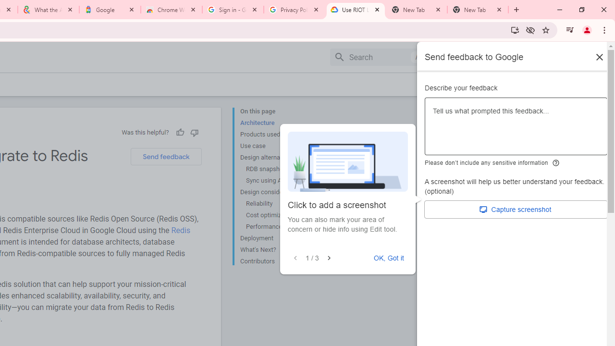 The image size is (615, 346). What do you see at coordinates (281, 203) in the screenshot?
I see `'Reliability'` at bounding box center [281, 203].